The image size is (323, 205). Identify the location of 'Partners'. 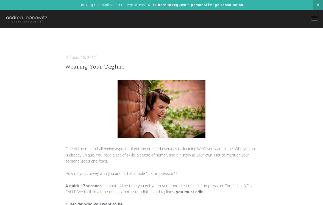
(272, 76).